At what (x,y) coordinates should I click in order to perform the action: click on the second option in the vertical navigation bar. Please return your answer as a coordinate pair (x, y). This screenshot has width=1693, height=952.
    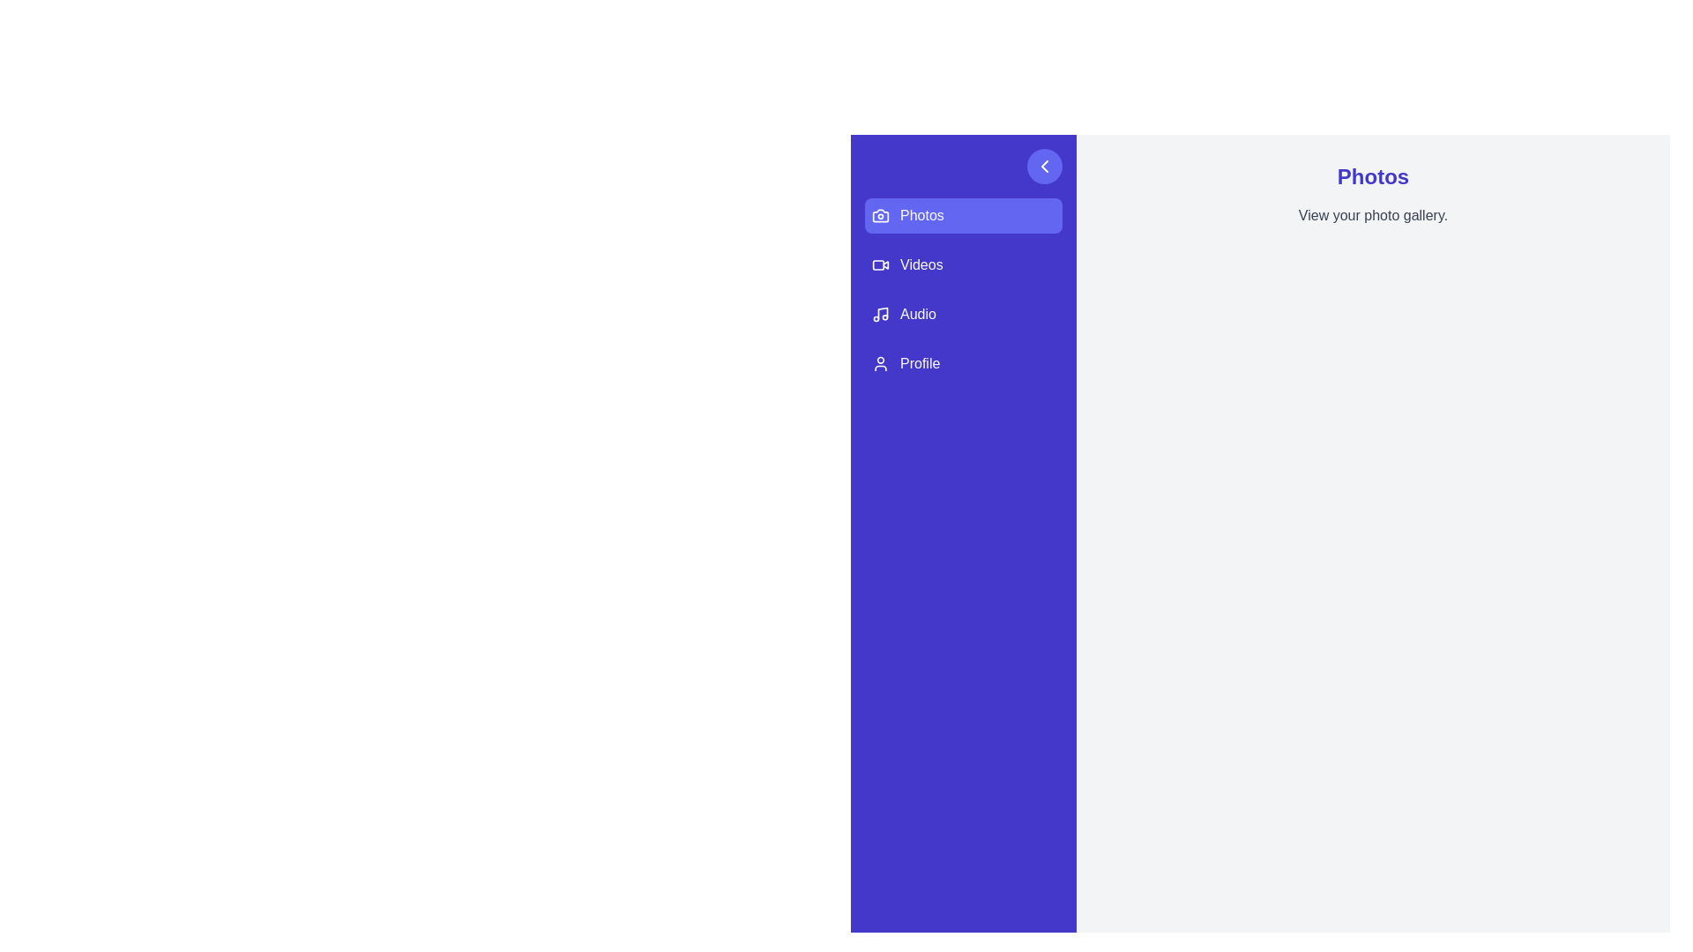
    Looking at the image, I should click on (963, 264).